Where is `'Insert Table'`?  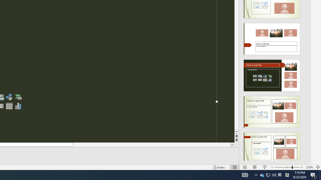 'Insert Table' is located at coordinates (9, 106).